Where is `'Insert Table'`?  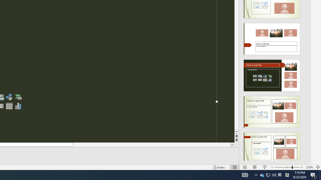 'Insert Table' is located at coordinates (9, 106).